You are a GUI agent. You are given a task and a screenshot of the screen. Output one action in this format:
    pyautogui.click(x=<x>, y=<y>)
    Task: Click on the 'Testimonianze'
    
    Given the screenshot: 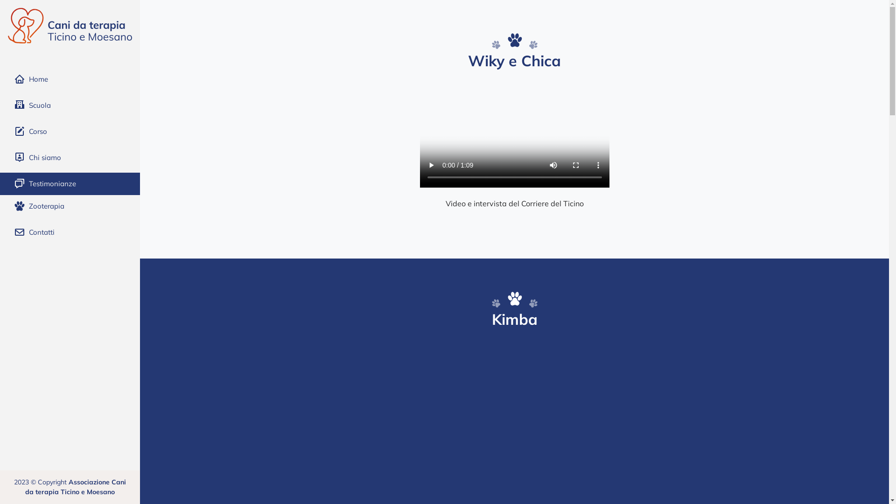 What is the action you would take?
    pyautogui.click(x=69, y=183)
    